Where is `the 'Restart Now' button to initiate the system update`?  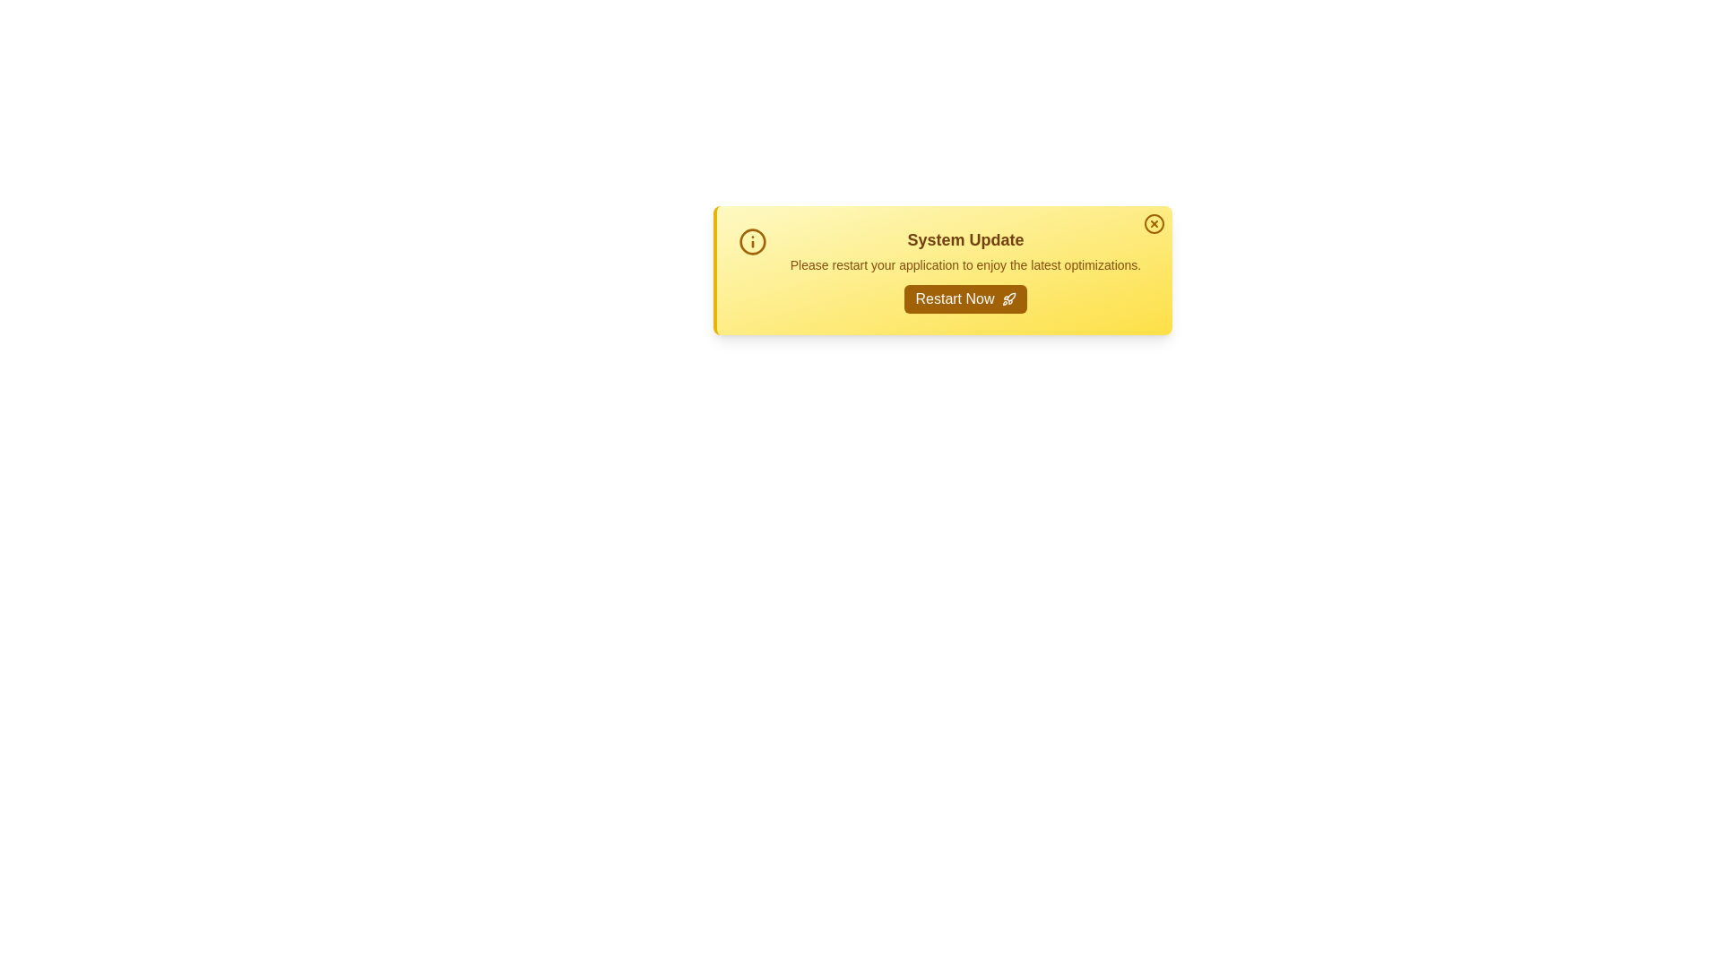
the 'Restart Now' button to initiate the system update is located at coordinates (964, 298).